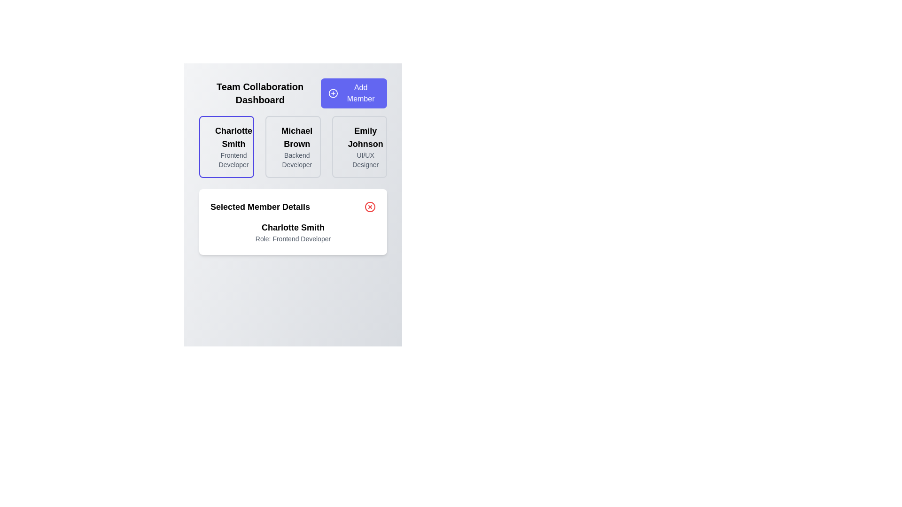  I want to click on the text label identifying the selected member in the 'Selected Member Details' card, which is centrally aligned above the 'Role: Frontend Developer' text, so click(293, 228).